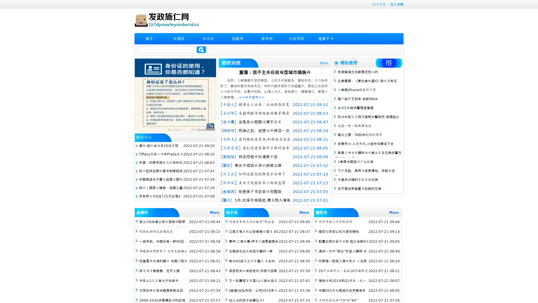  What do you see at coordinates (201, 49) in the screenshot?
I see `Search` at bounding box center [201, 49].